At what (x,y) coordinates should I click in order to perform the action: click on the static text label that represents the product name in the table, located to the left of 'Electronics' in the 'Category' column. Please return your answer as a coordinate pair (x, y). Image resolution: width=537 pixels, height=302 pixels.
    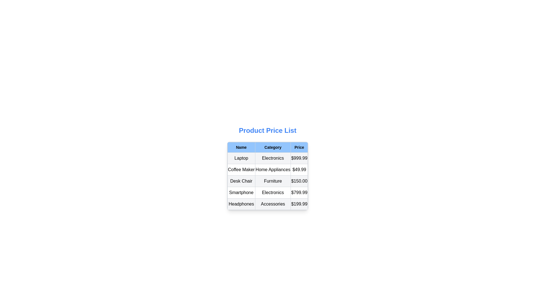
    Looking at the image, I should click on (241, 158).